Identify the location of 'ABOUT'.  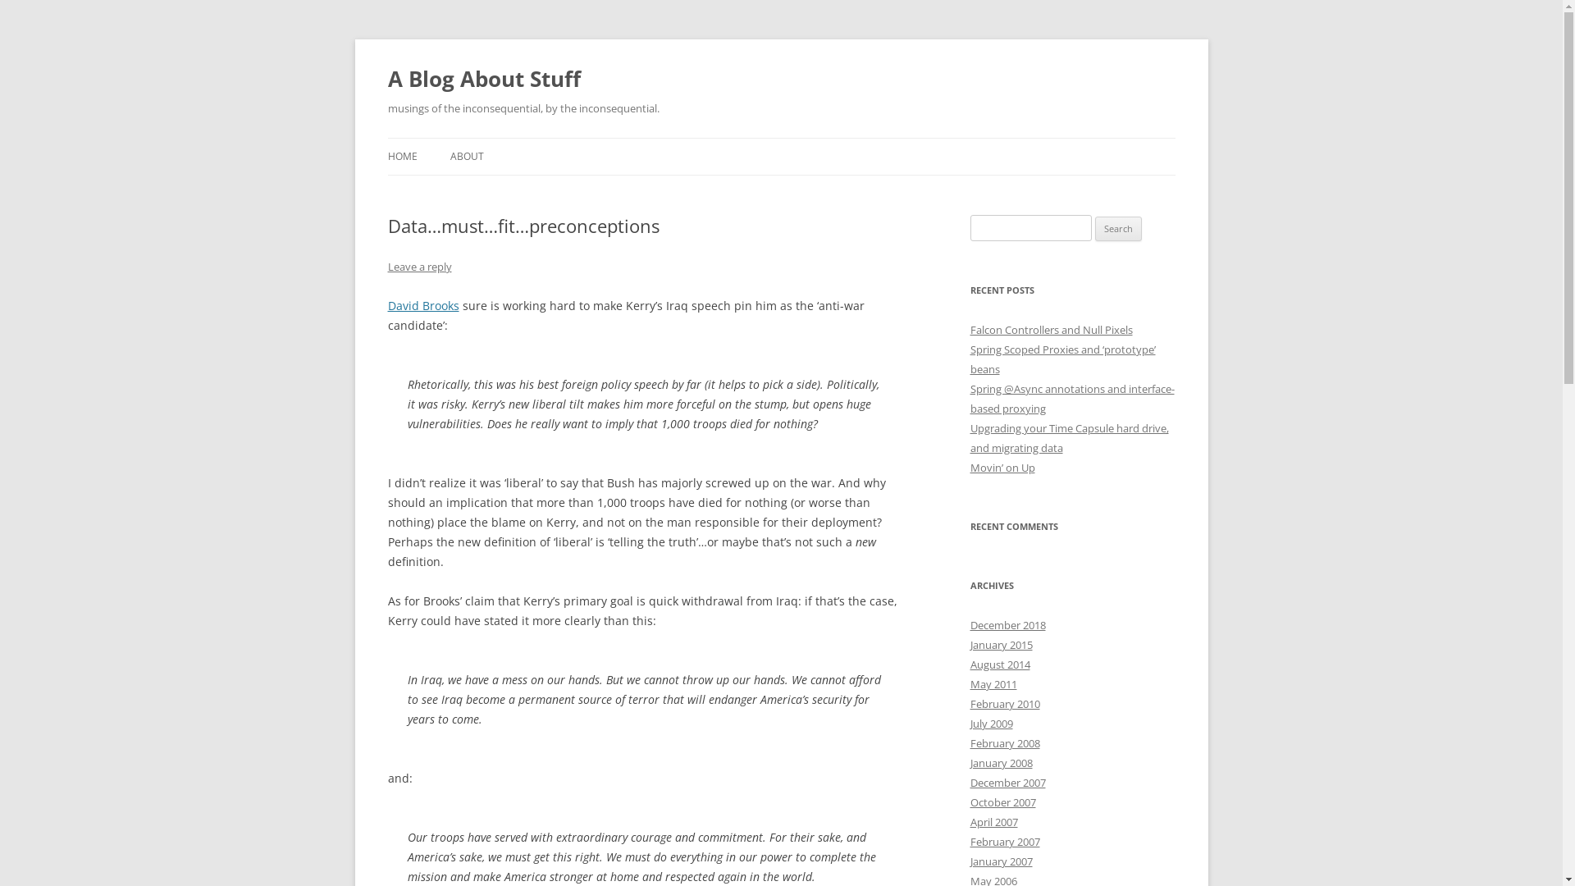
(465, 157).